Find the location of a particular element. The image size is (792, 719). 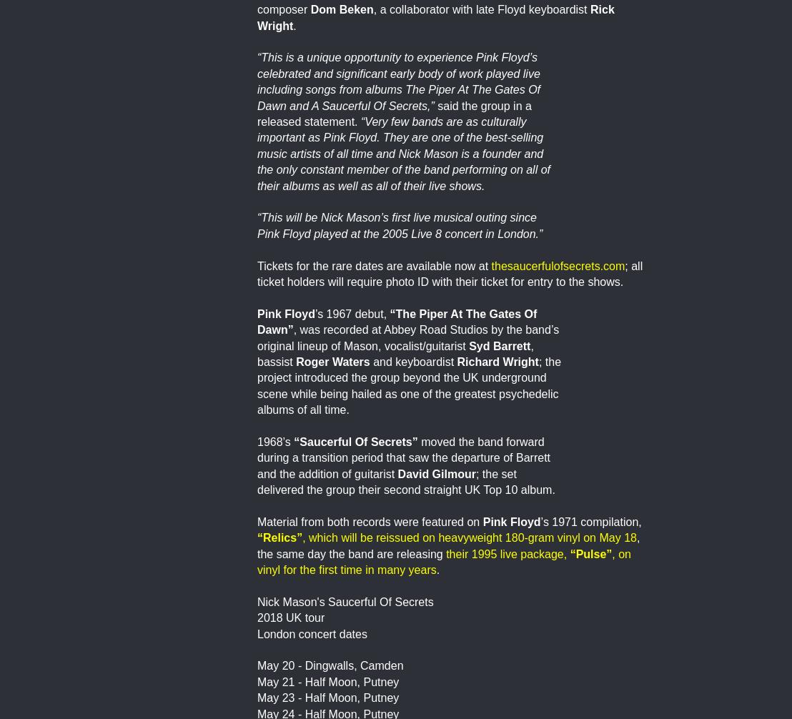

', was recorded at Abbey Road Studios by the band’s original lineup of Mason, vocalist/guitarist' is located at coordinates (407, 337).